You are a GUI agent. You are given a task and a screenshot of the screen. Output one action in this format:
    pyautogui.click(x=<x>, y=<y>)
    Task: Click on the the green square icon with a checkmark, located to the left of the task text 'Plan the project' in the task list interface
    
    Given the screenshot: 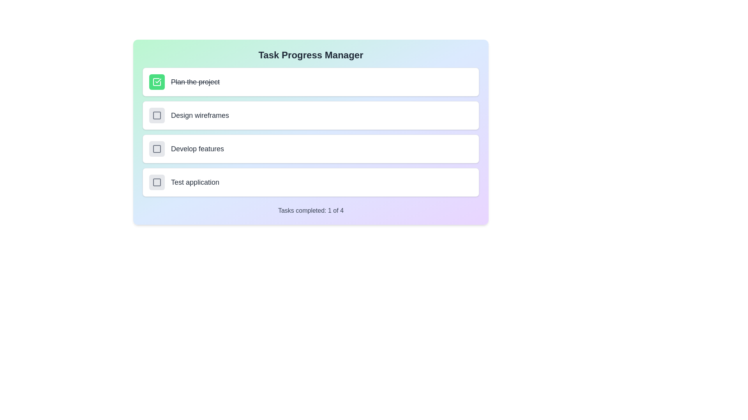 What is the action you would take?
    pyautogui.click(x=157, y=82)
    